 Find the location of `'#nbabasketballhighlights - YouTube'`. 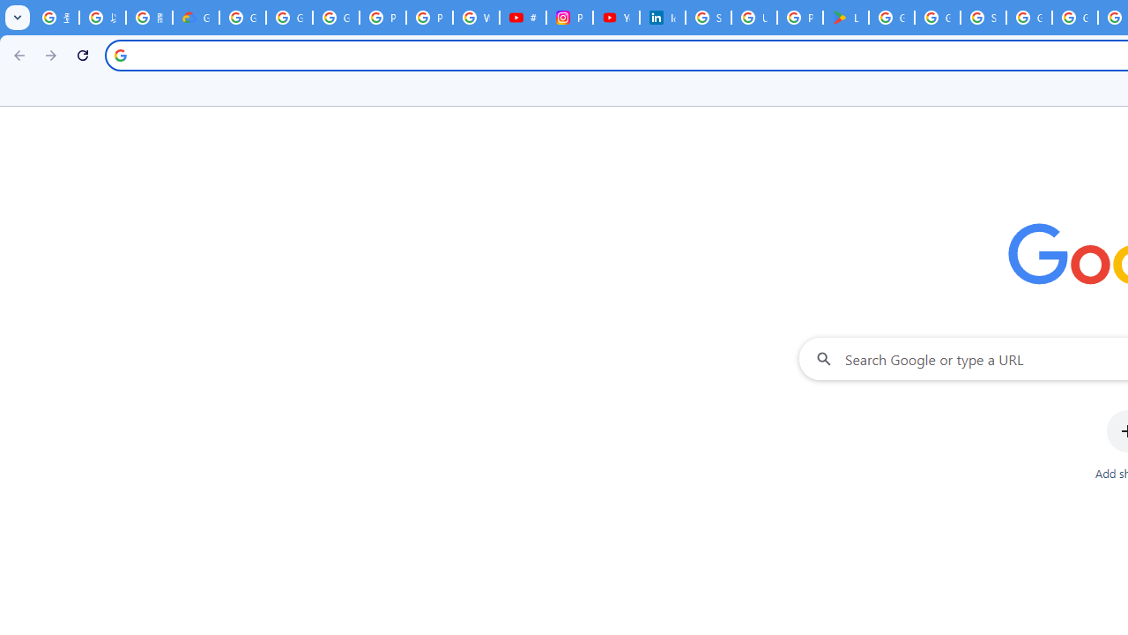

'#nbabasketballhighlights - YouTube' is located at coordinates (522, 18).